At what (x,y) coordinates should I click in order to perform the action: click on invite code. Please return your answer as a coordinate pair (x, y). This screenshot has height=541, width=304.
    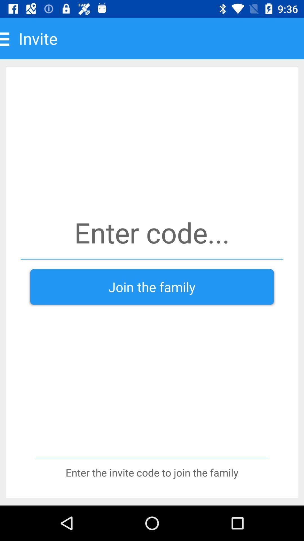
    Looking at the image, I should click on (152, 232).